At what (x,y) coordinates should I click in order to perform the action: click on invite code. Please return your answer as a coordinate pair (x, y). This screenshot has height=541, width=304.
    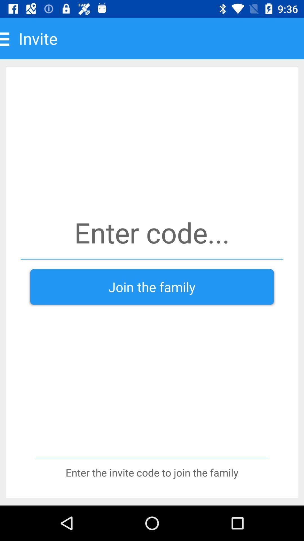
    Looking at the image, I should click on (152, 232).